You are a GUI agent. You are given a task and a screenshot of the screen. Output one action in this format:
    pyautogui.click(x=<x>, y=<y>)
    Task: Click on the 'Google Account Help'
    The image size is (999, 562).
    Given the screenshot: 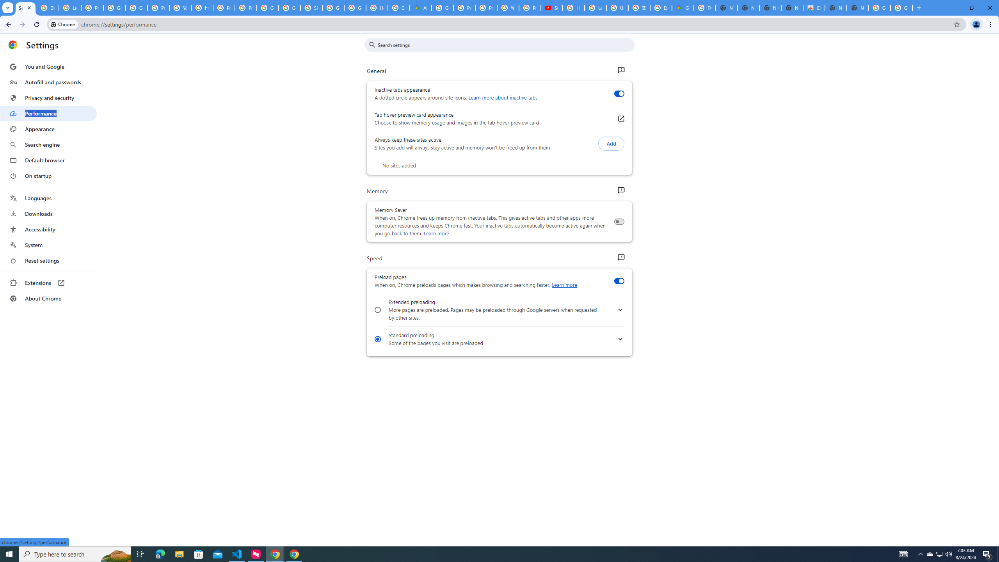 What is the action you would take?
    pyautogui.click(x=114, y=7)
    